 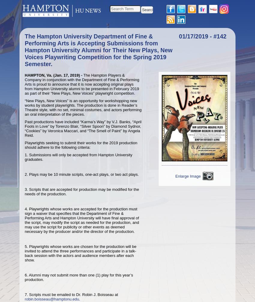 What do you see at coordinates (82, 128) in the screenshot?
I see `'Past productions have included “Karma’s Way” by V.J. Banks, “April Fools in Love” by Torenzo Blair, “Silver Spoon” by Diamond Sydnor, “Cookies” by Veronica Maccari, and “The Smell of Paint” by Angela Reid.'` at bounding box center [82, 128].